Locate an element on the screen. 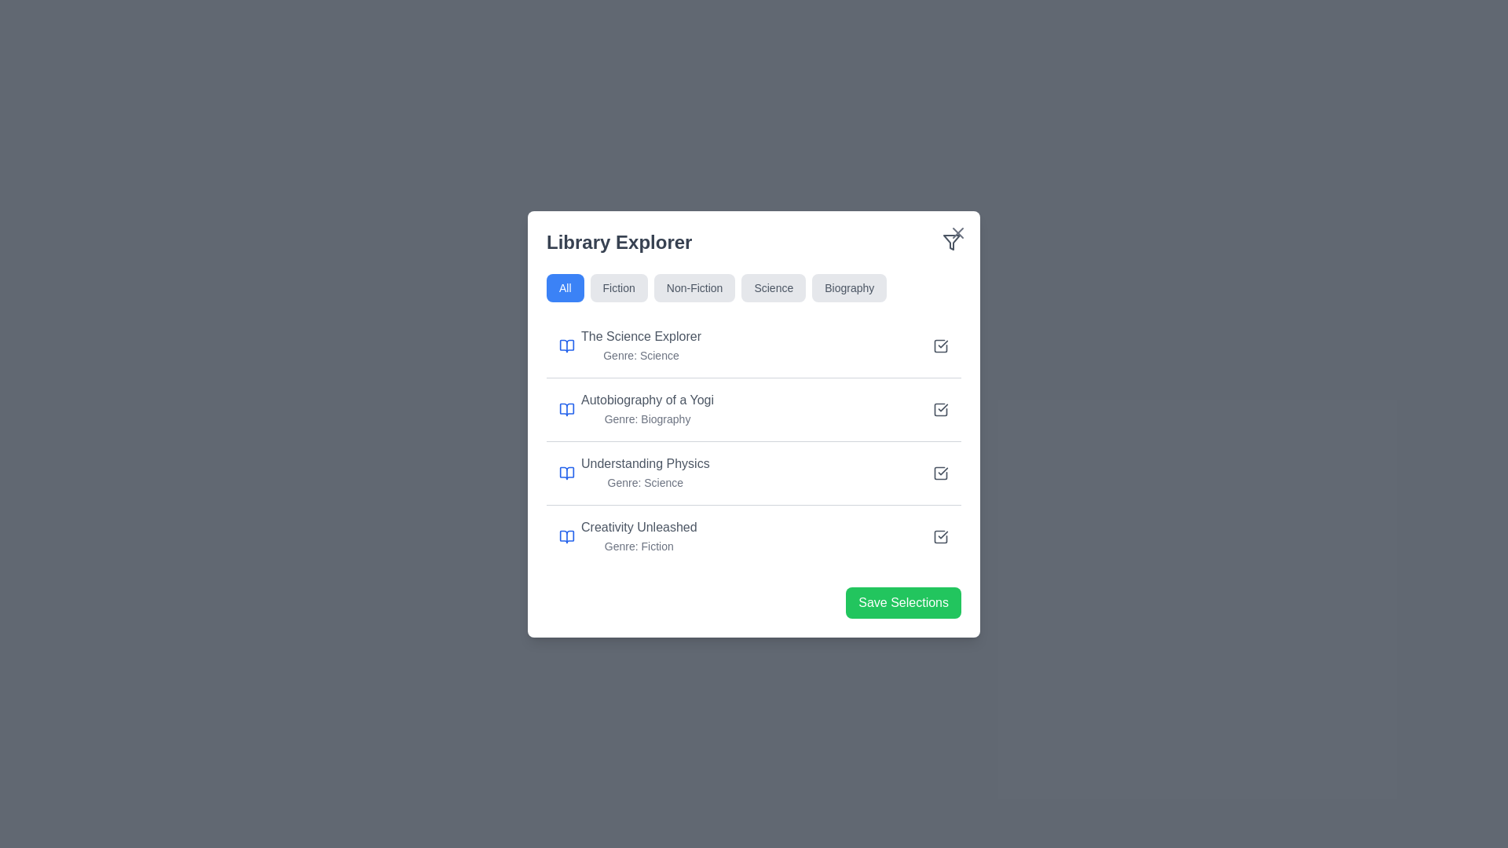 Image resolution: width=1508 pixels, height=848 pixels. the icon representing 'Creativity Unleashed' in the Library Explorer panel, positioned in the fourth entry of the list is located at coordinates (565, 535).